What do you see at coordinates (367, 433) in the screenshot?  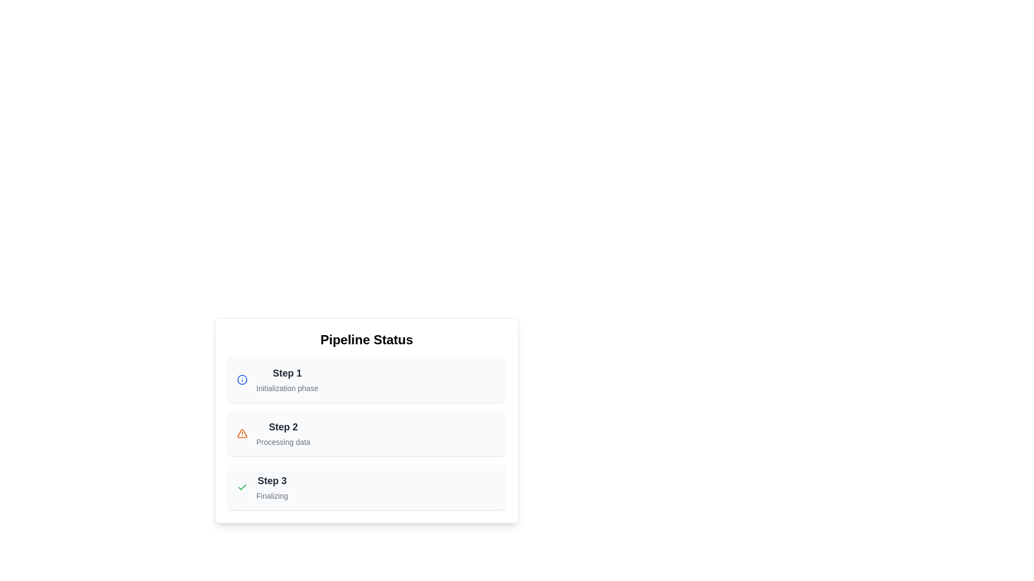 I see `the Informational block indicating 'Processing data', which is the second step in the process pipeline` at bounding box center [367, 433].